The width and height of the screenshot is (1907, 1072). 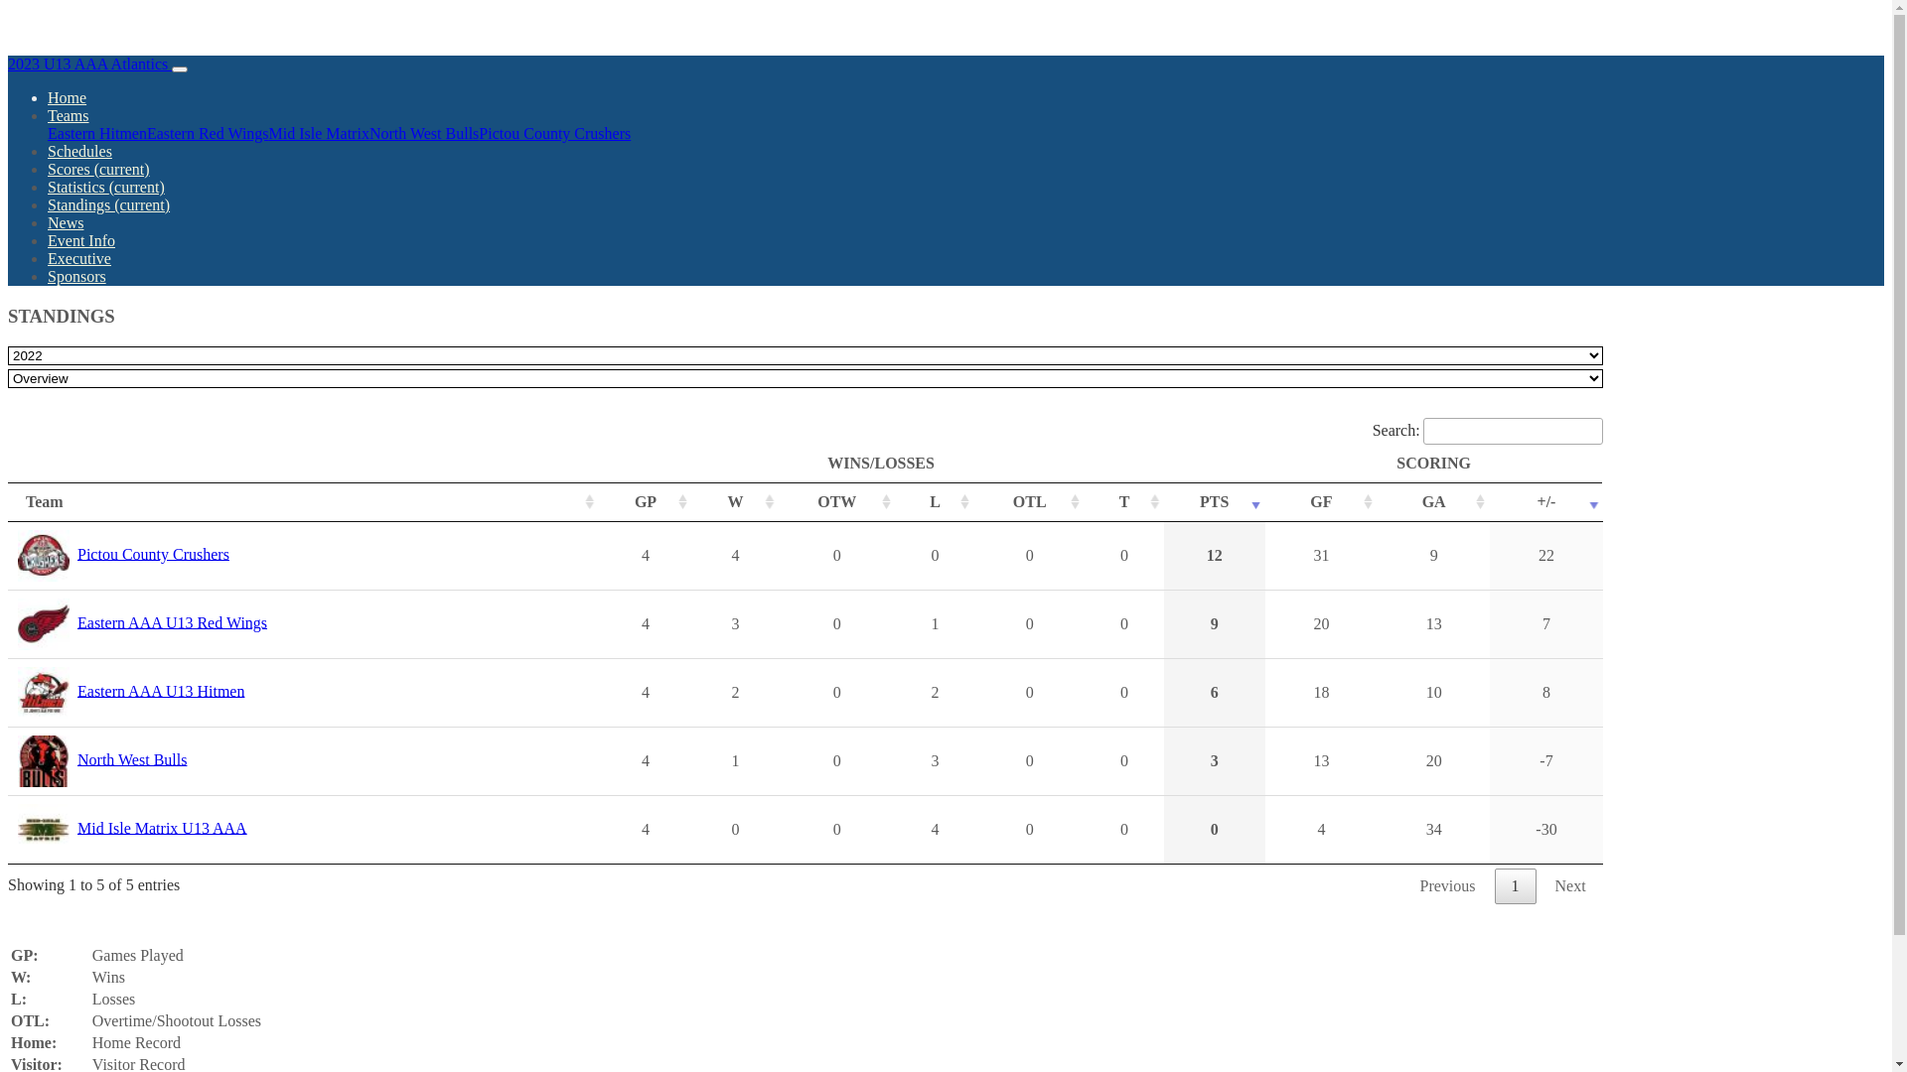 What do you see at coordinates (97, 168) in the screenshot?
I see `'Scores (current)'` at bounding box center [97, 168].